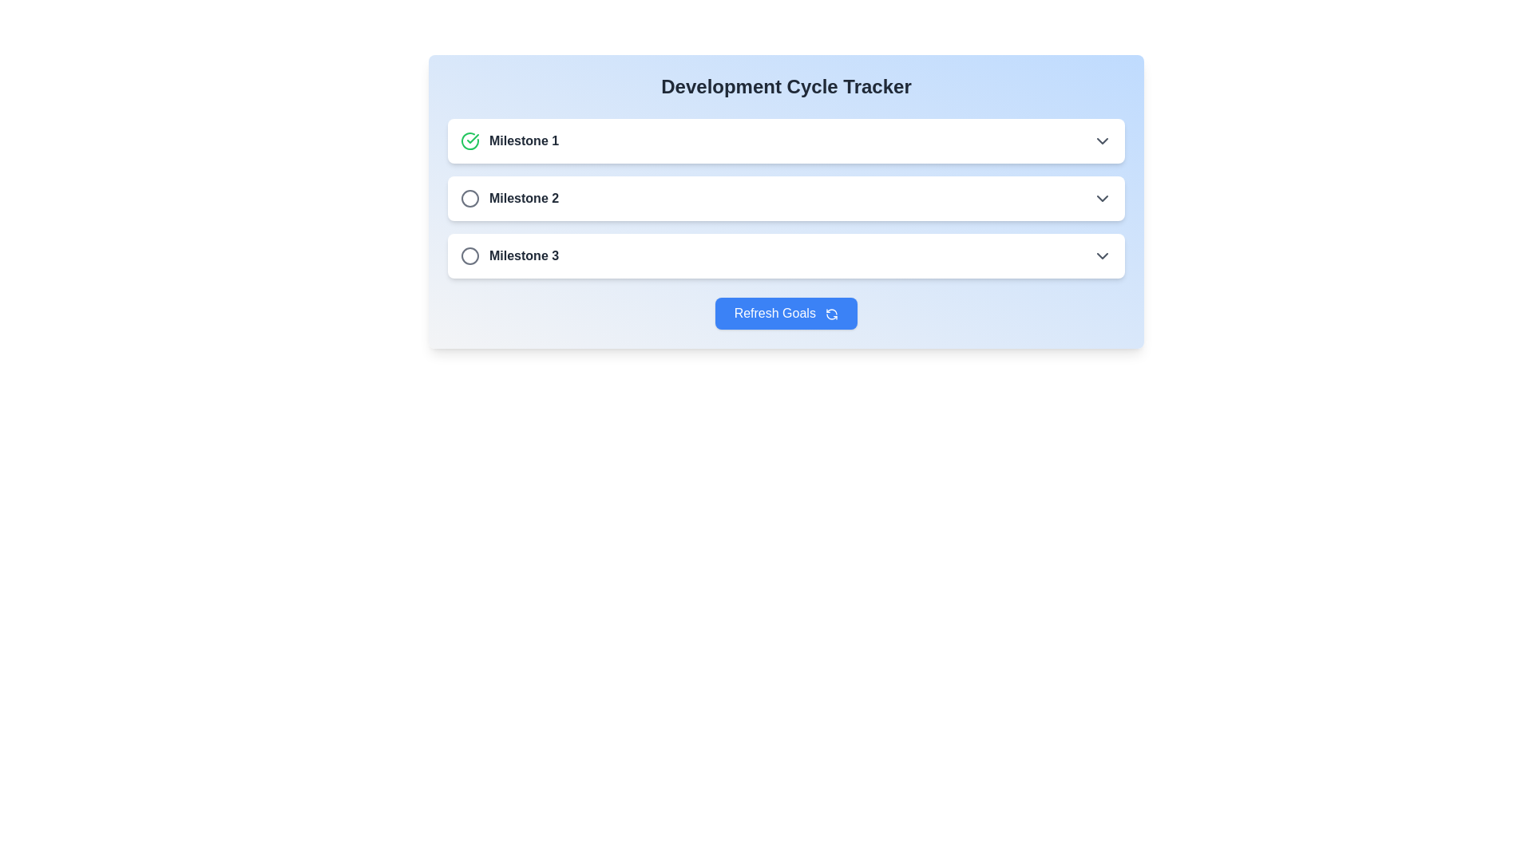 This screenshot has height=862, width=1533. What do you see at coordinates (469, 140) in the screenshot?
I see `the green checkmark icon, which indicates a completed status, located to the immediate left of the text 'Milestone 1' in the first row of the milestones list` at bounding box center [469, 140].